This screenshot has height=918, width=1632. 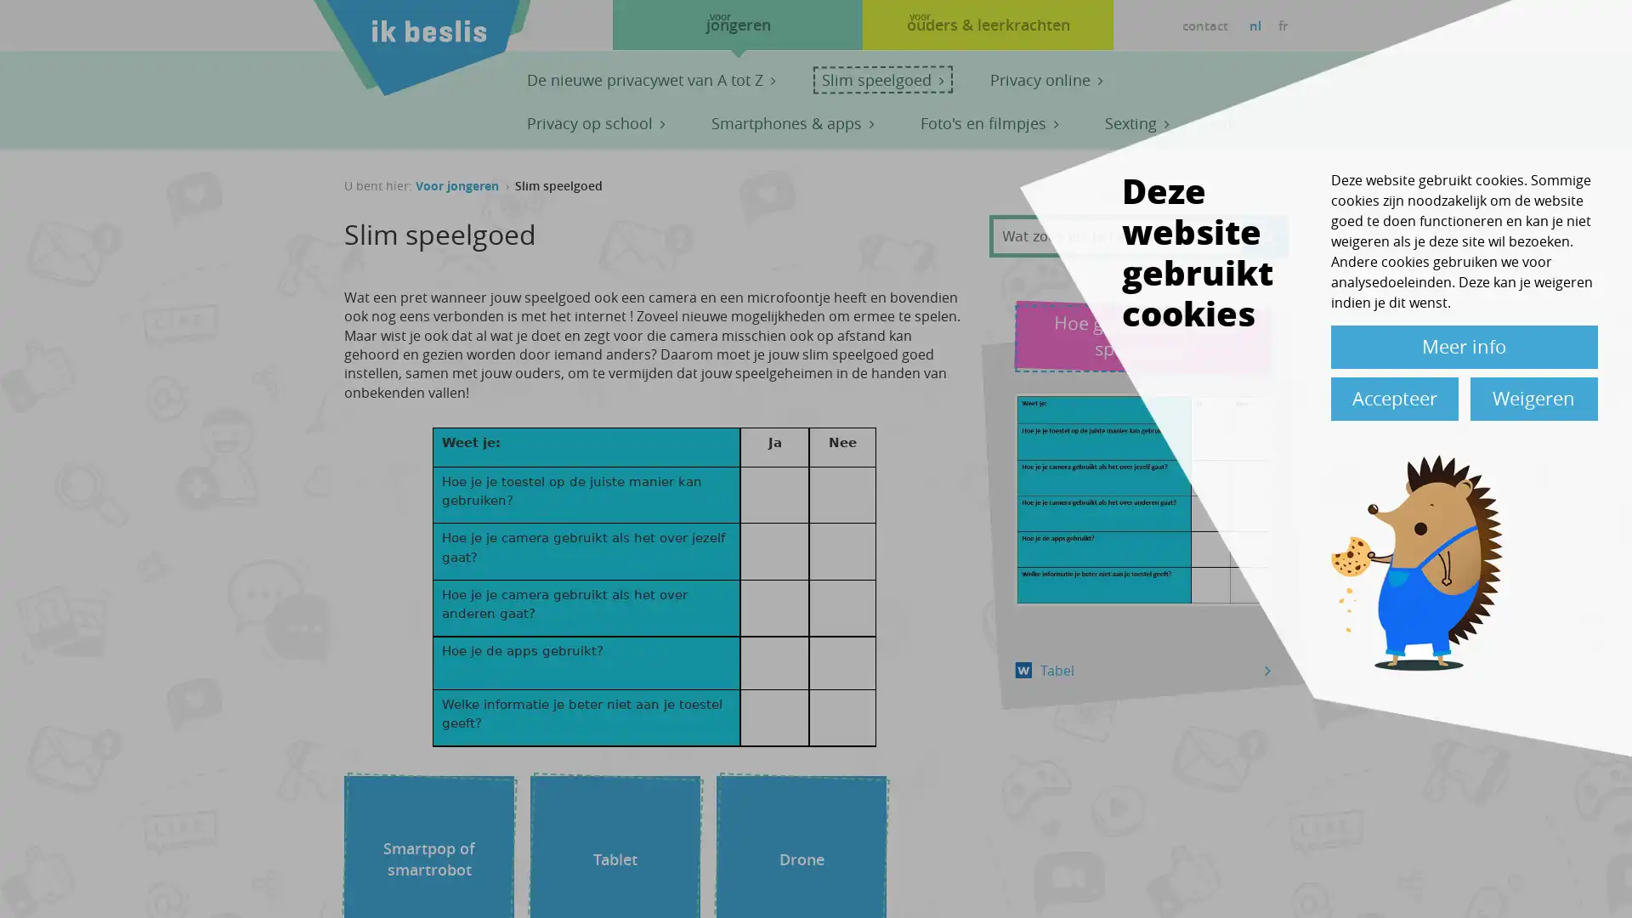 I want to click on Apply, so click(x=1265, y=235).